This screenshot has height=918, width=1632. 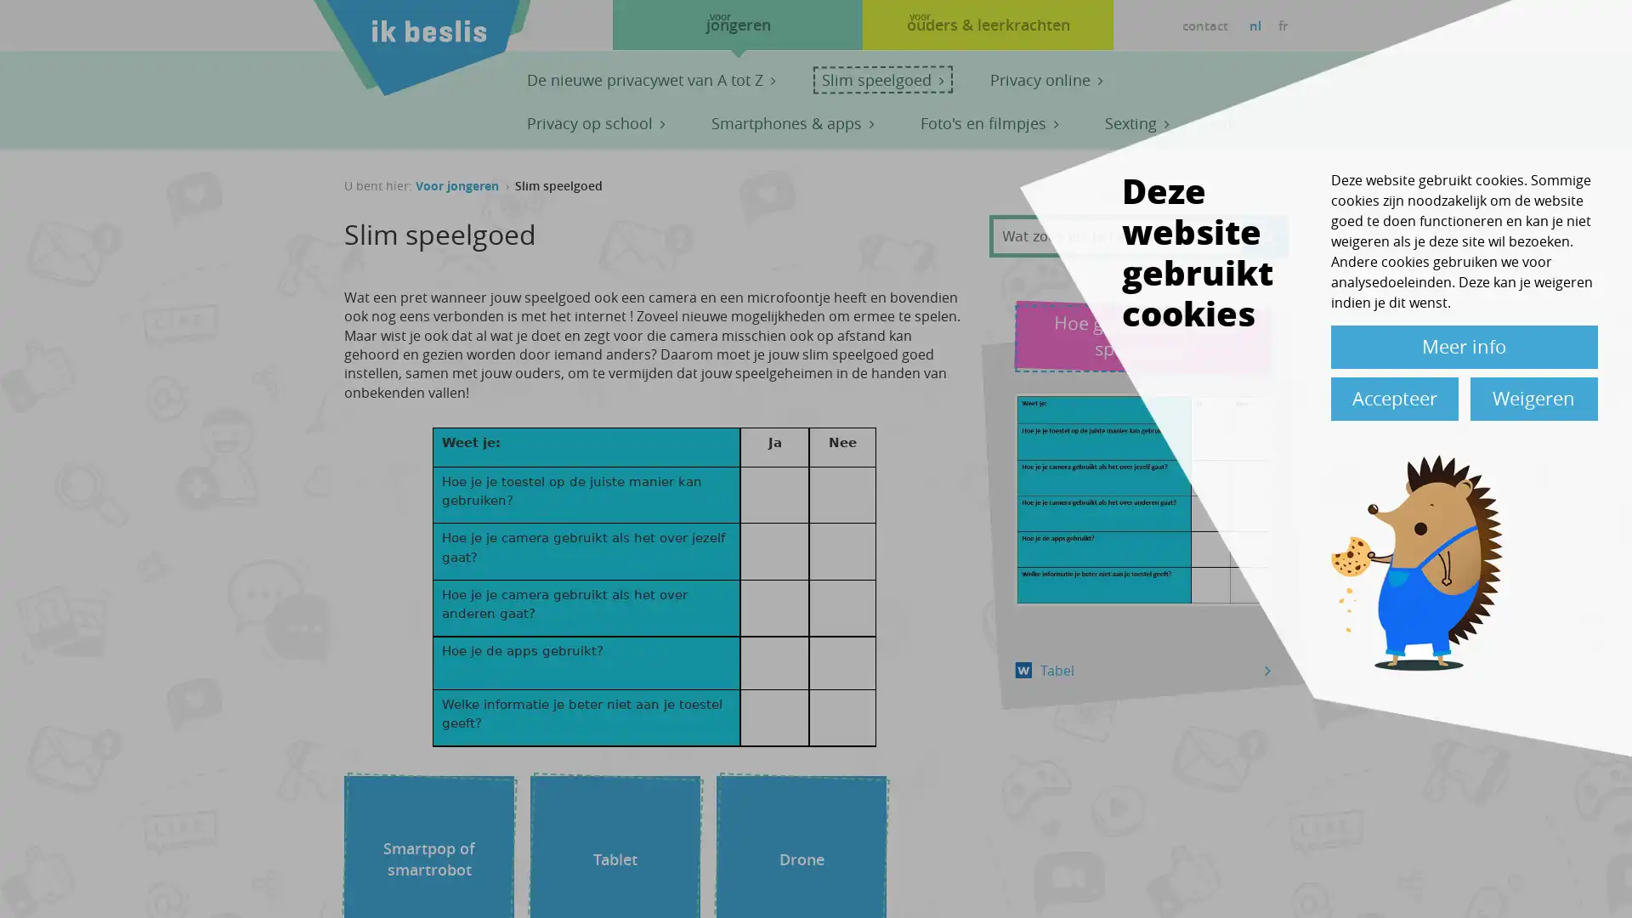 I want to click on Apply, so click(x=1265, y=235).